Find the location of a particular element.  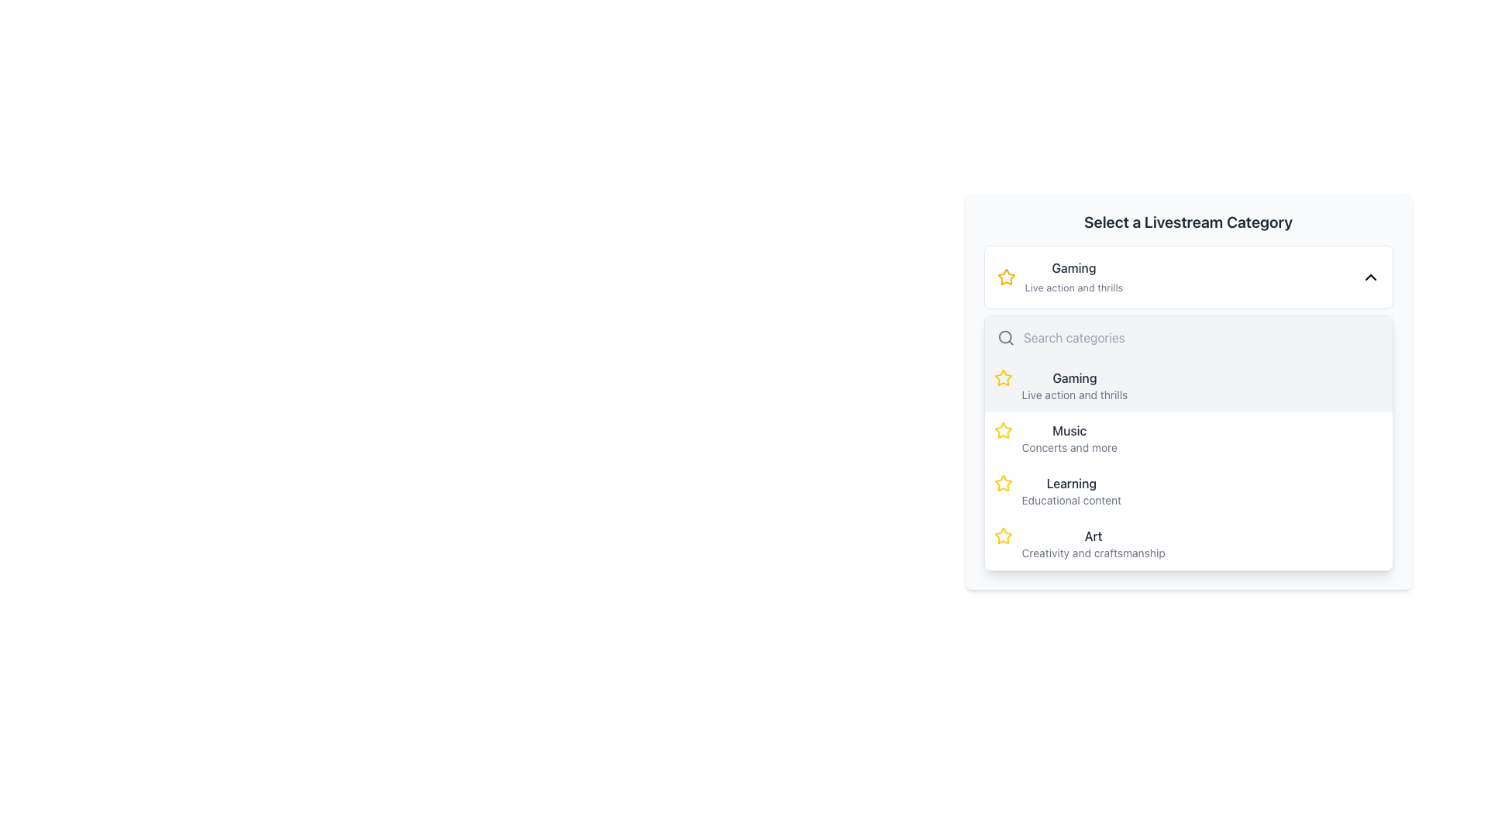

the star-shaped icon with a bold yellow border and white-filled interior located to the left of the 'Art' entry in the category list is located at coordinates (1003, 535).